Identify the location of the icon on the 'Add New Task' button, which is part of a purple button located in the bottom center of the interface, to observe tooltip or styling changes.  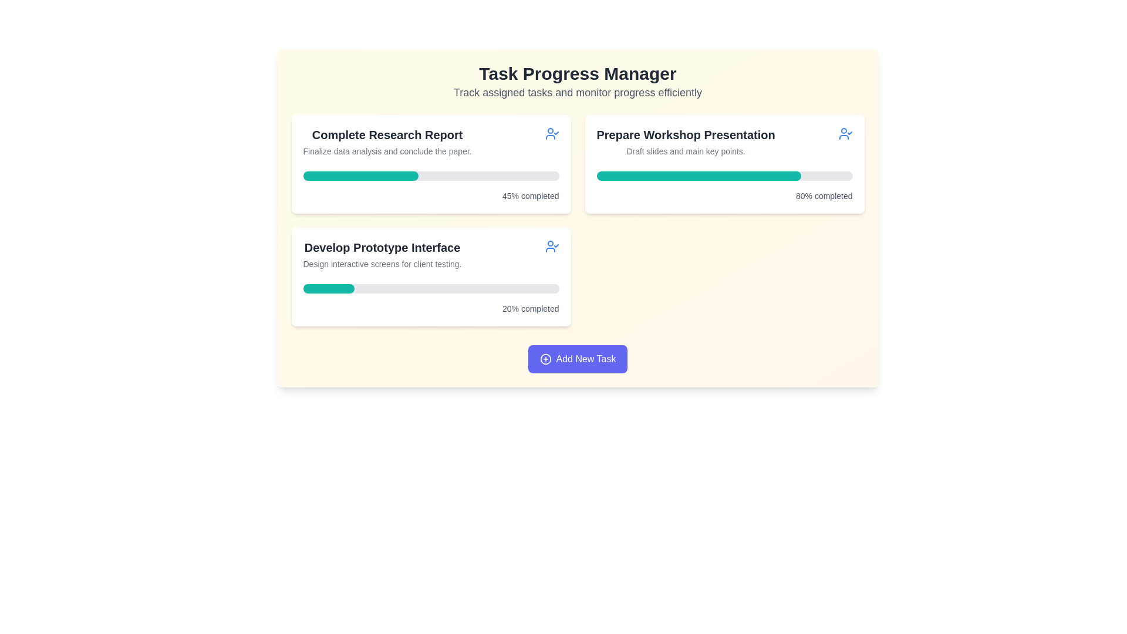
(545, 359).